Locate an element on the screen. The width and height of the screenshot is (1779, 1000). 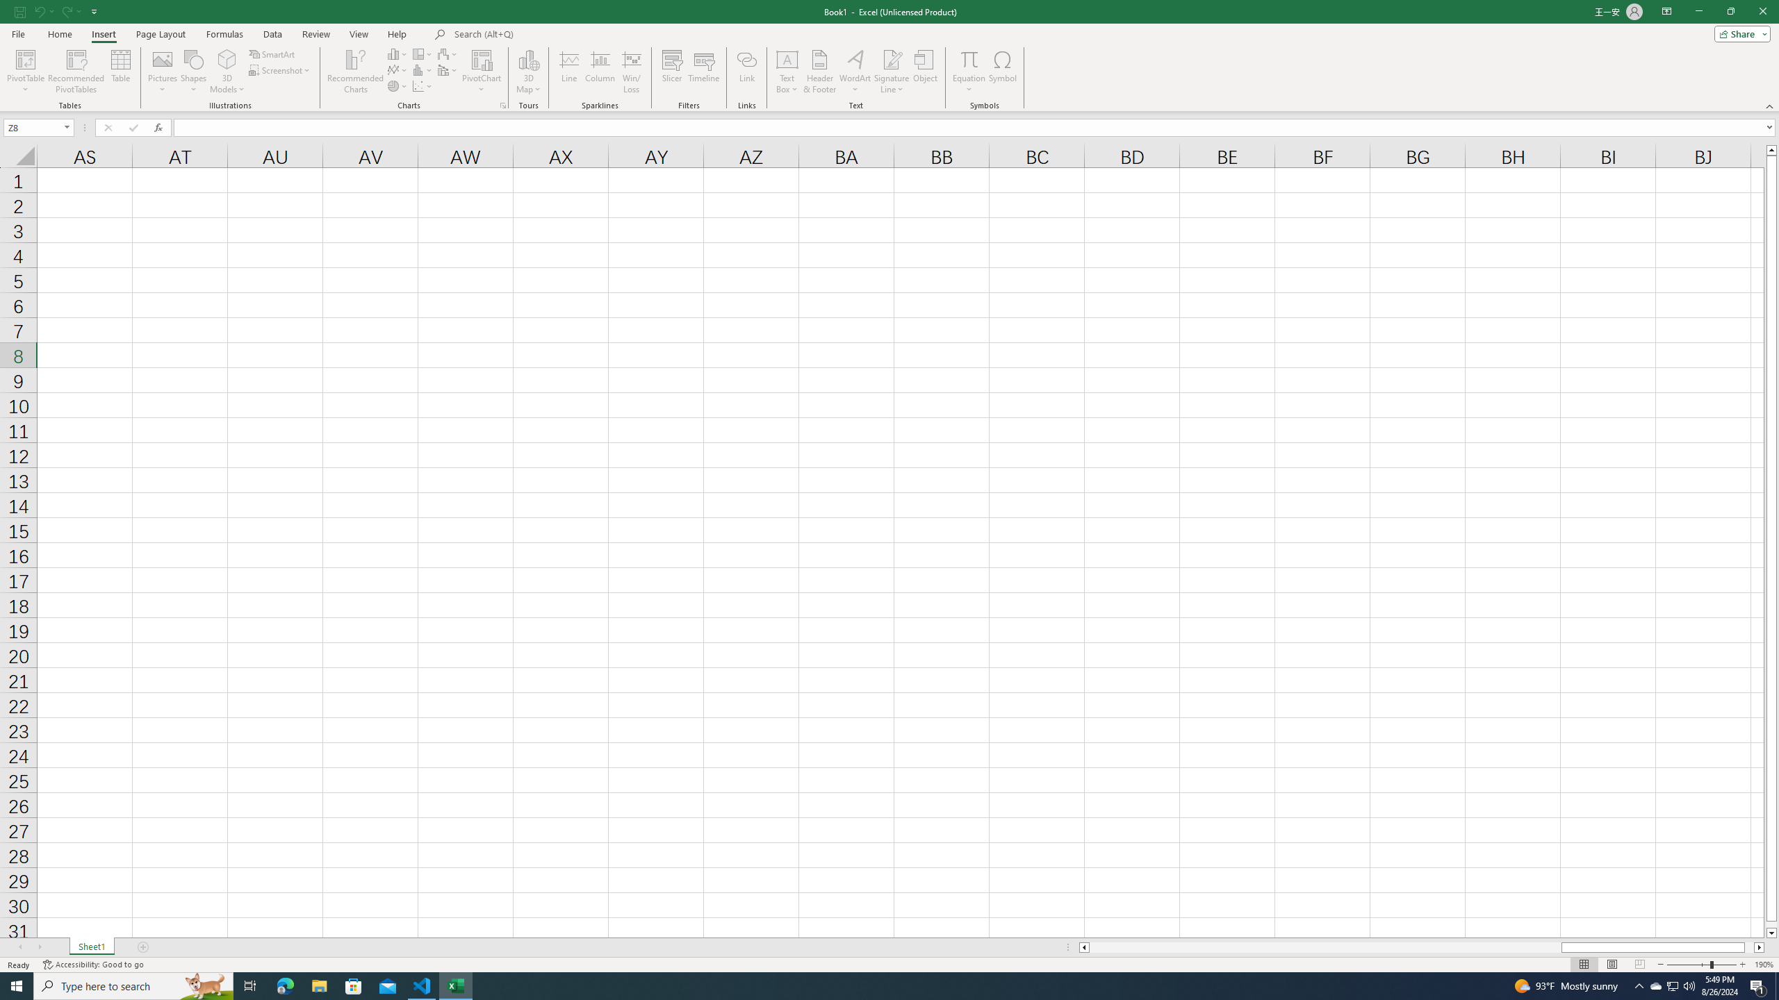
'Signature Line' is located at coordinates (892, 58).